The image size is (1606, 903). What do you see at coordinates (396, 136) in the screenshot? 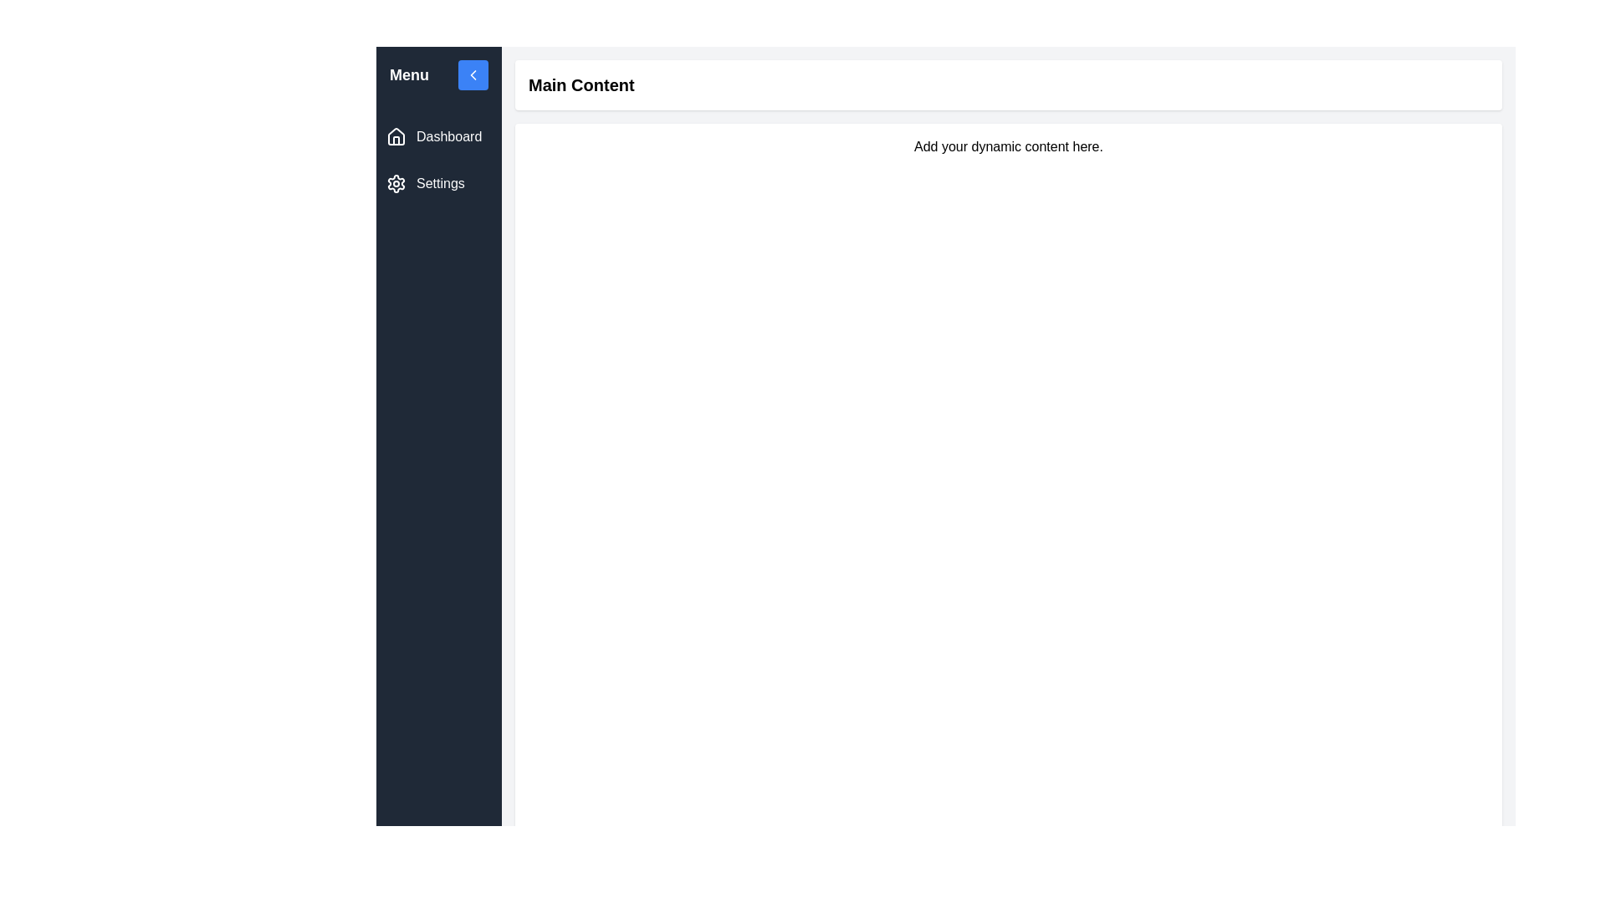
I see `the house-shaped icon located in the leftmost column of the navigation bar, adjacent to the 'Dashboard' text for accessibility navigation` at bounding box center [396, 136].